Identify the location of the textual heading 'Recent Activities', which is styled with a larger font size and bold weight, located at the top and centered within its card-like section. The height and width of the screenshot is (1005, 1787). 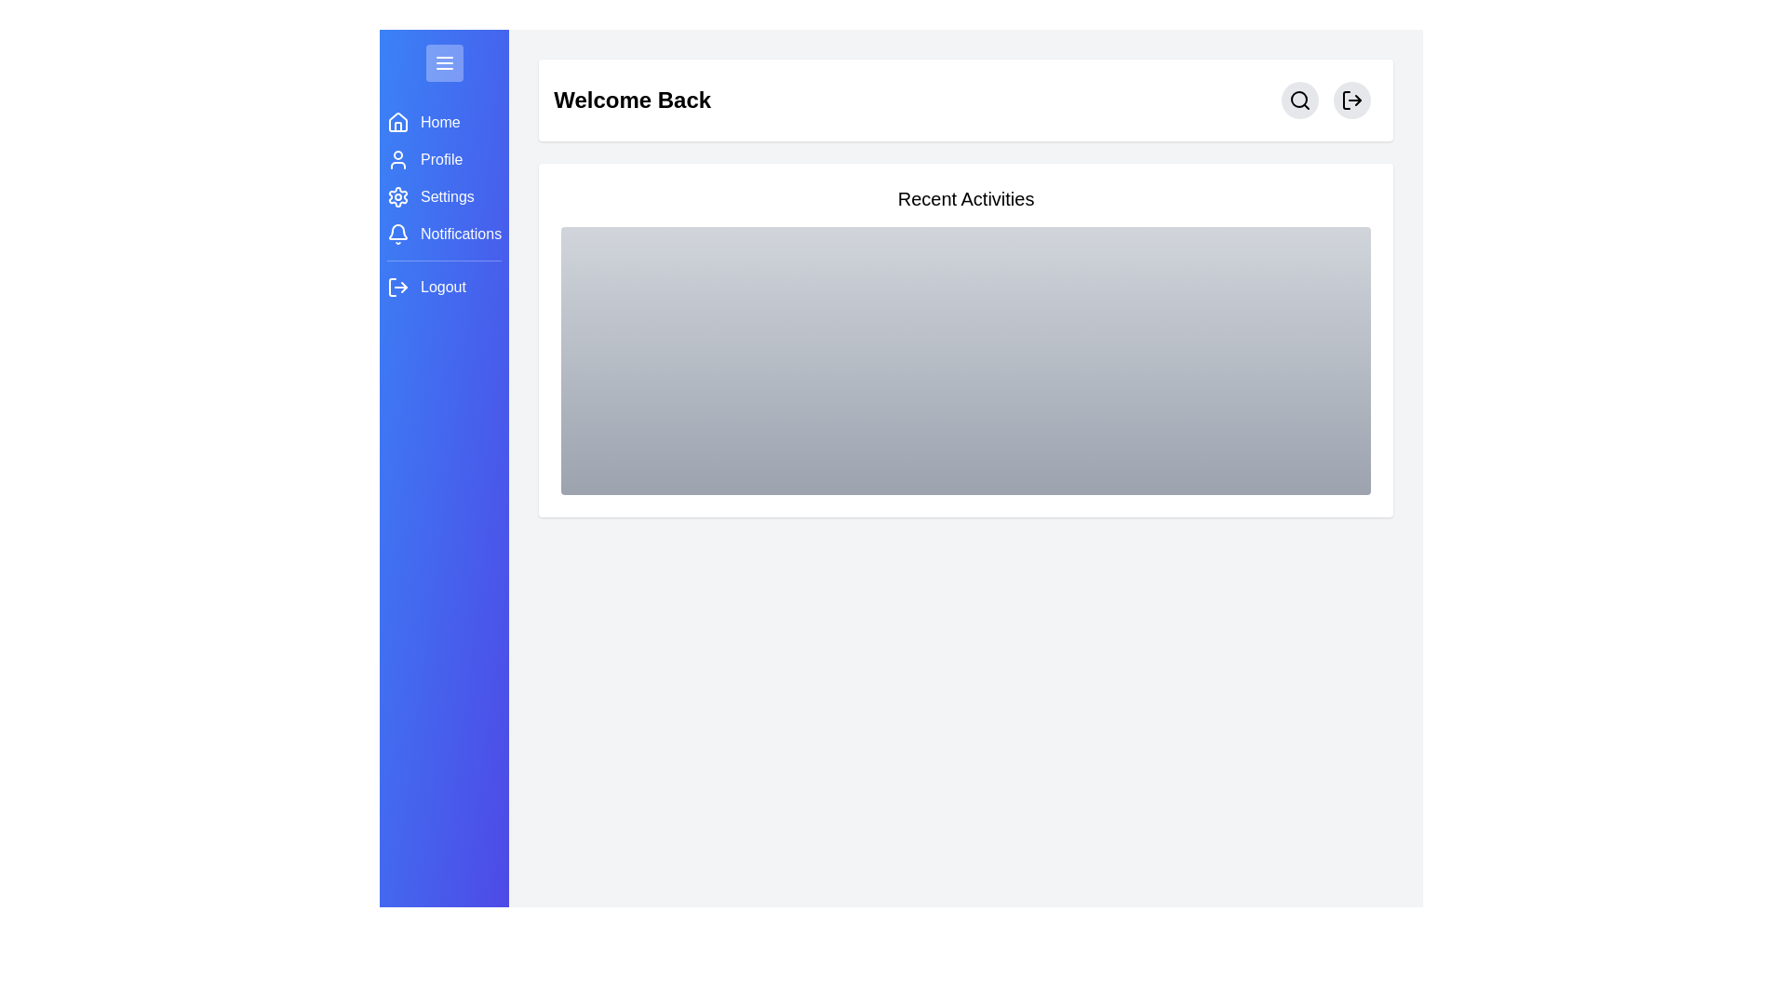
(966, 198).